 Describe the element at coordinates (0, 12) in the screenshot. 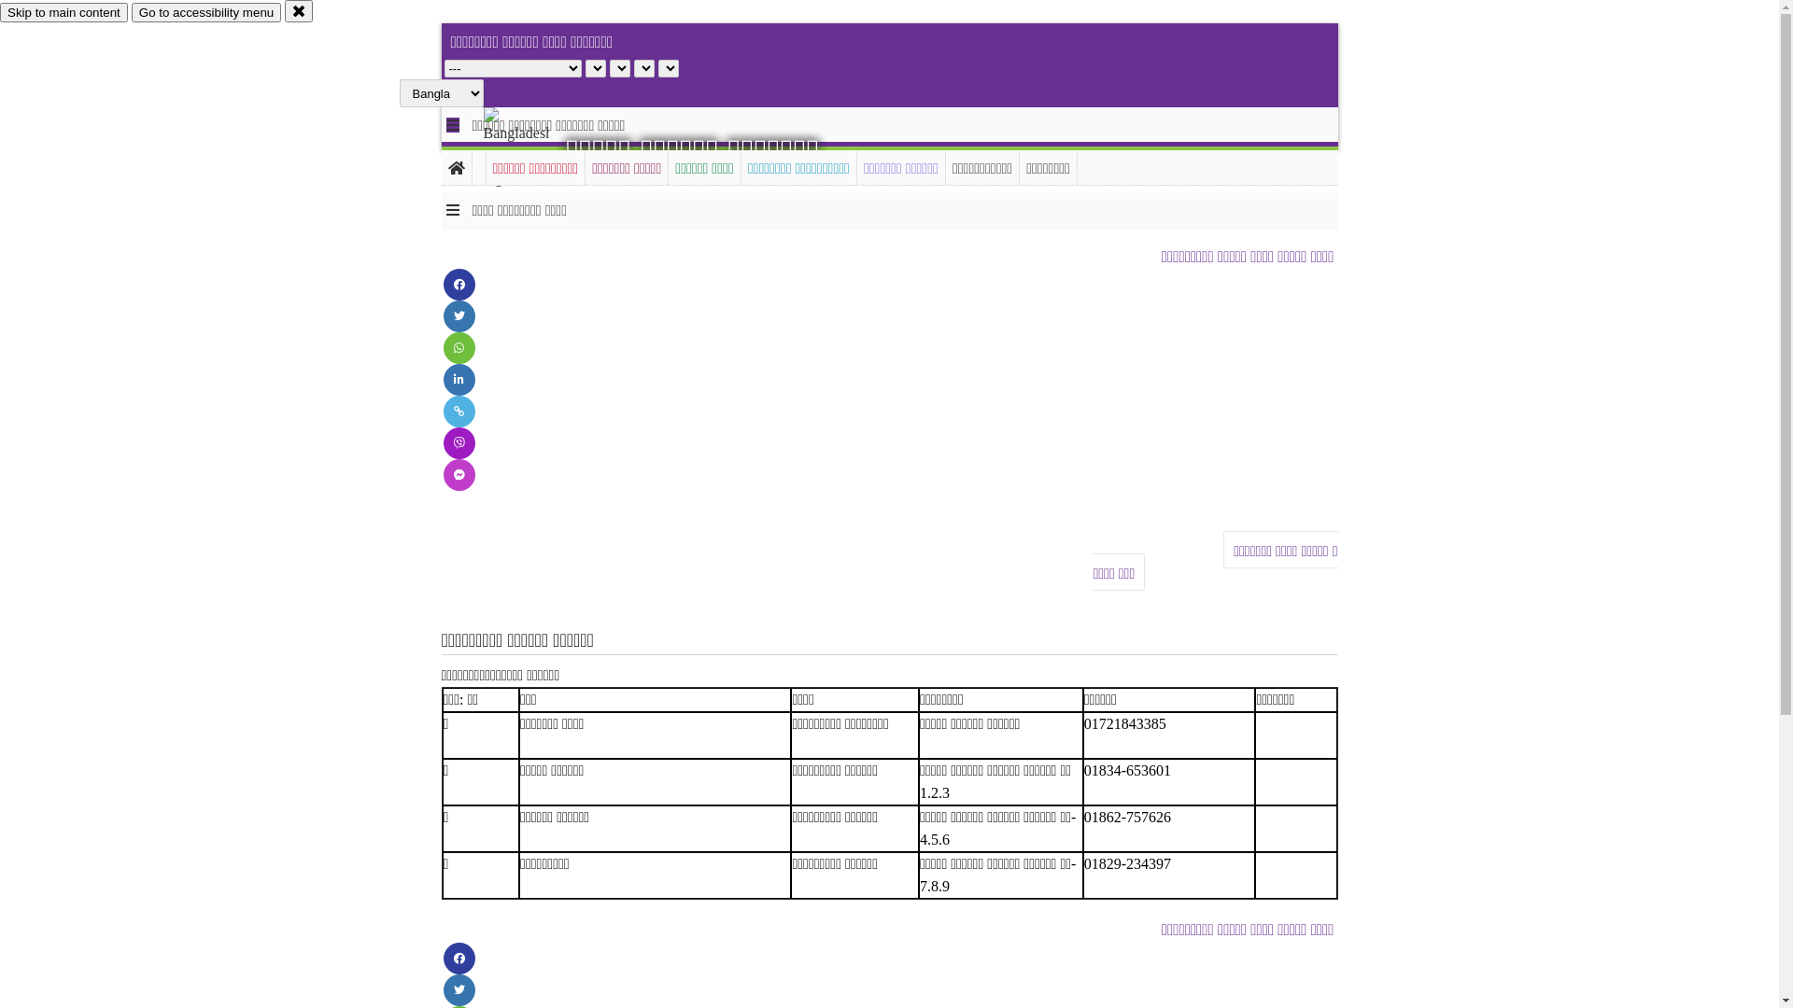

I see `'Skip to main content'` at that location.